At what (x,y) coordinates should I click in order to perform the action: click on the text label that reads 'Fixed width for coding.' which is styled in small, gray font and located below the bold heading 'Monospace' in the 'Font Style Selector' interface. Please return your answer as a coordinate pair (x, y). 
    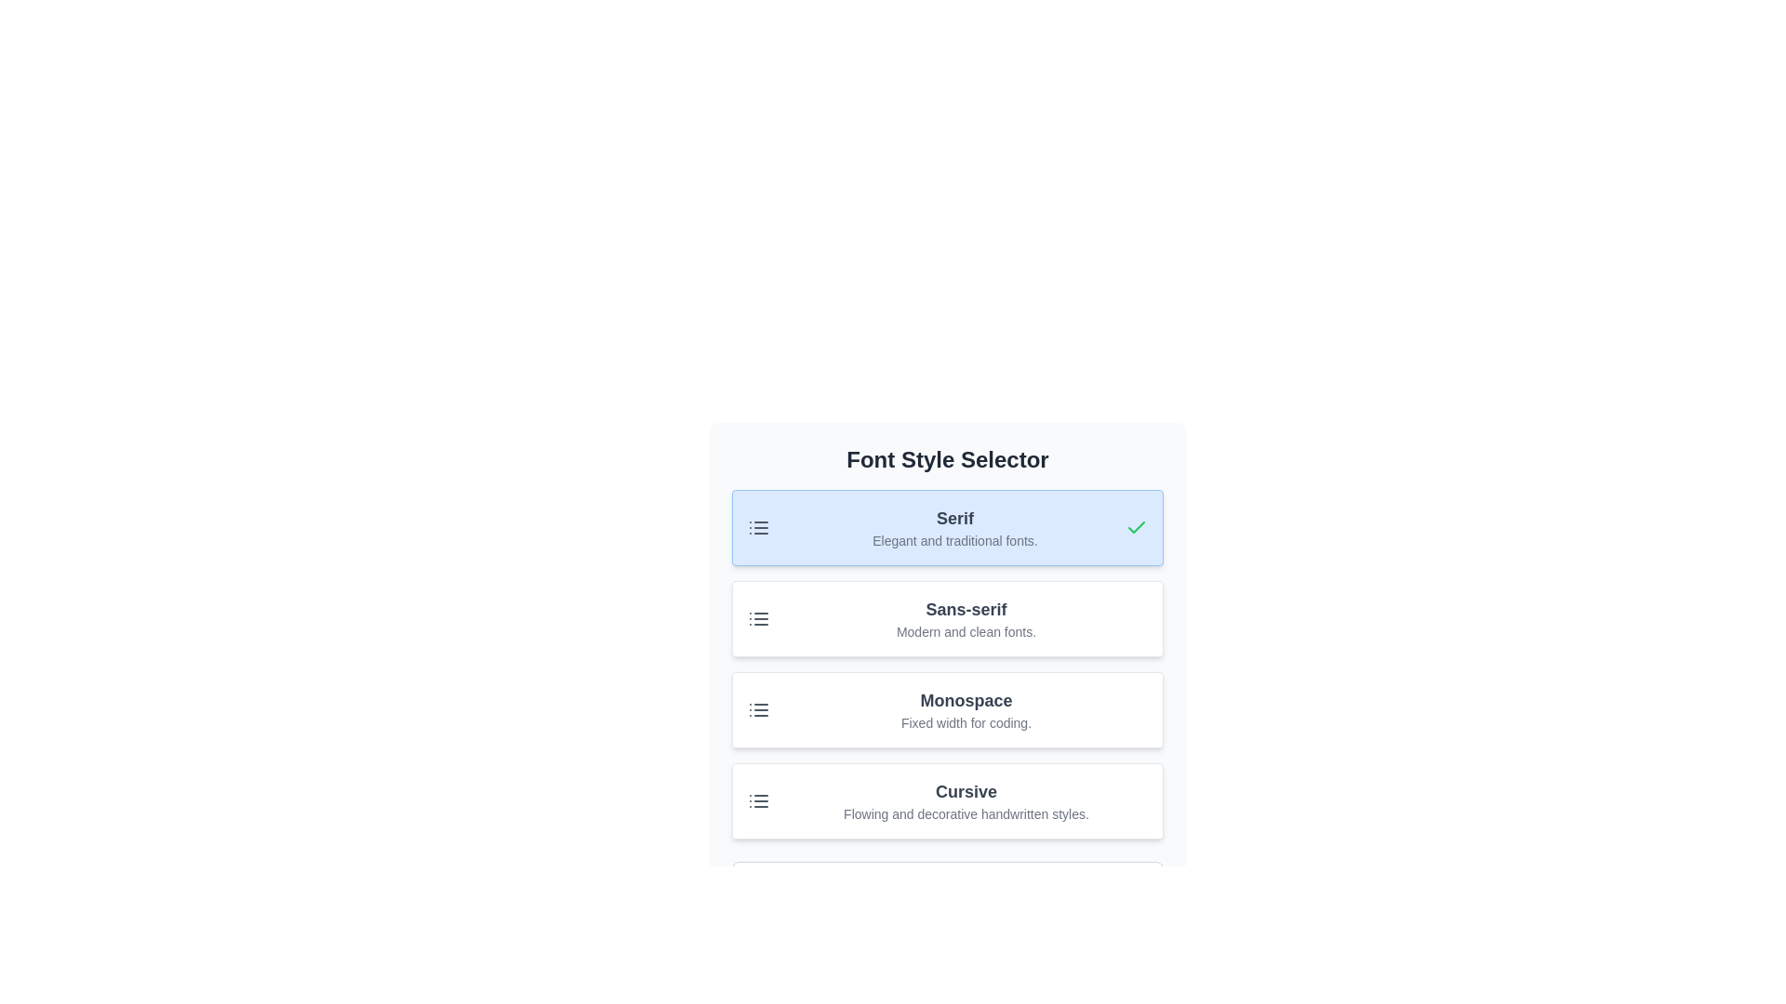
    Looking at the image, I should click on (966, 722).